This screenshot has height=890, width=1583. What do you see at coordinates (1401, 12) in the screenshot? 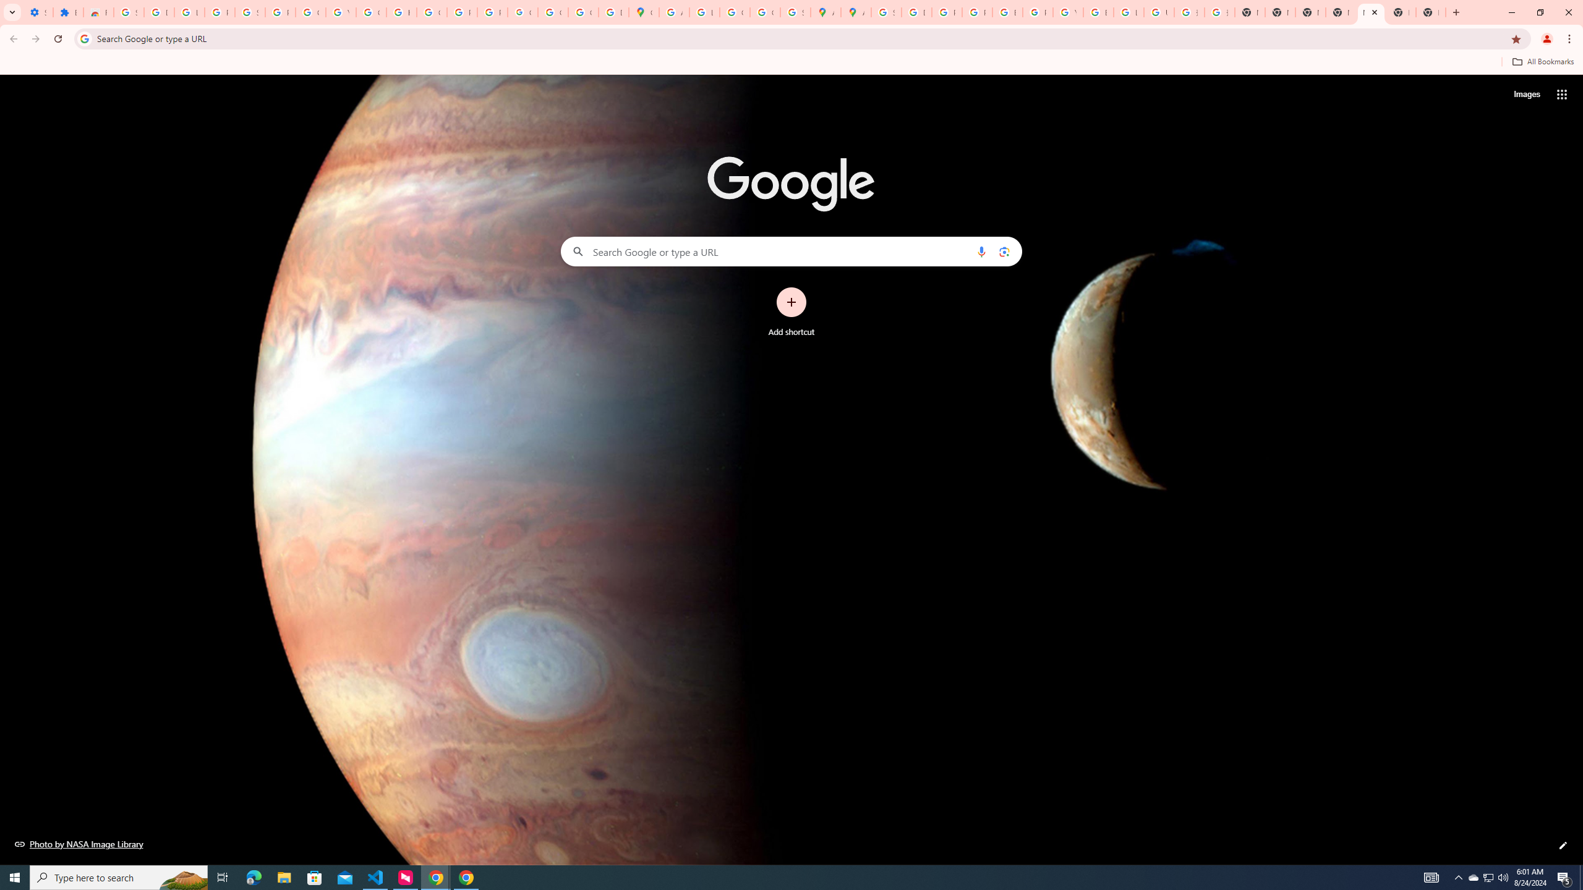
I see `'New Tab'` at bounding box center [1401, 12].